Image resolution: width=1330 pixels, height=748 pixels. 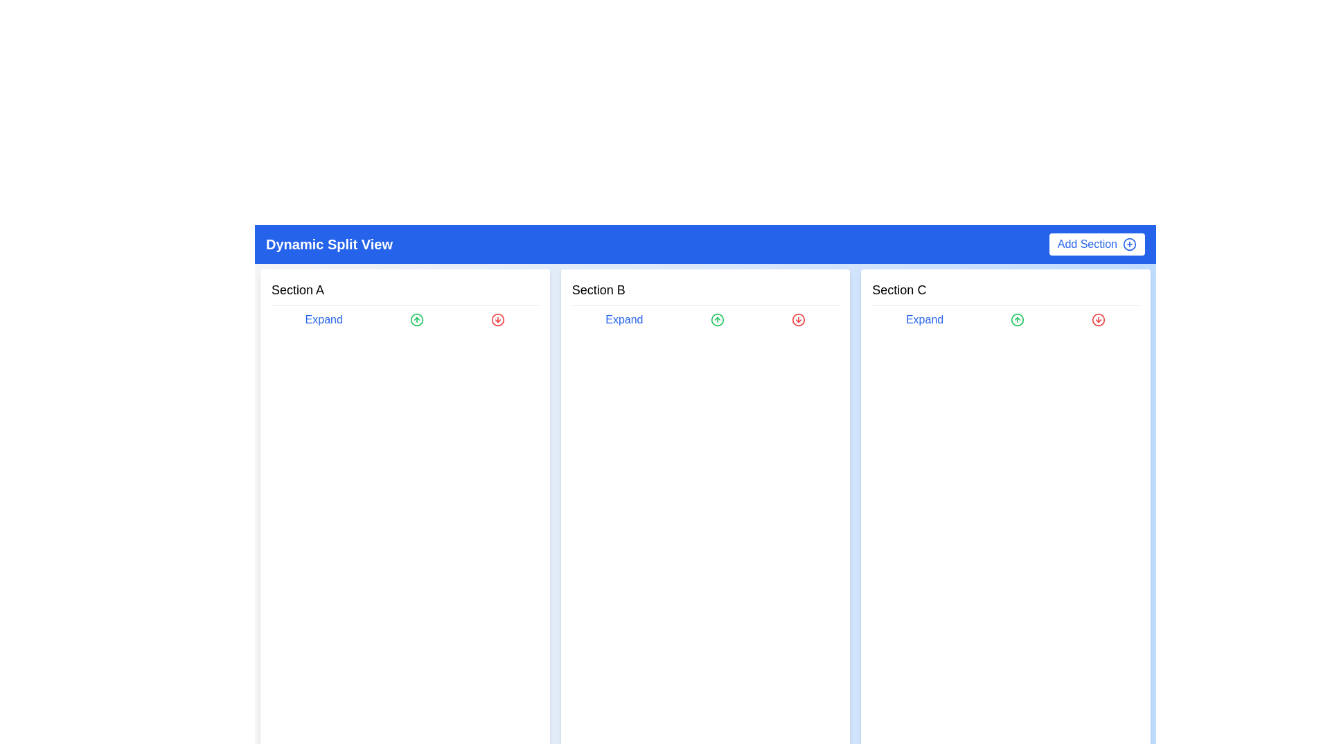 I want to click on the icon located at the end of the 'Add Section' text label, positioned in the top-right corner of the interface, so click(x=1130, y=244).